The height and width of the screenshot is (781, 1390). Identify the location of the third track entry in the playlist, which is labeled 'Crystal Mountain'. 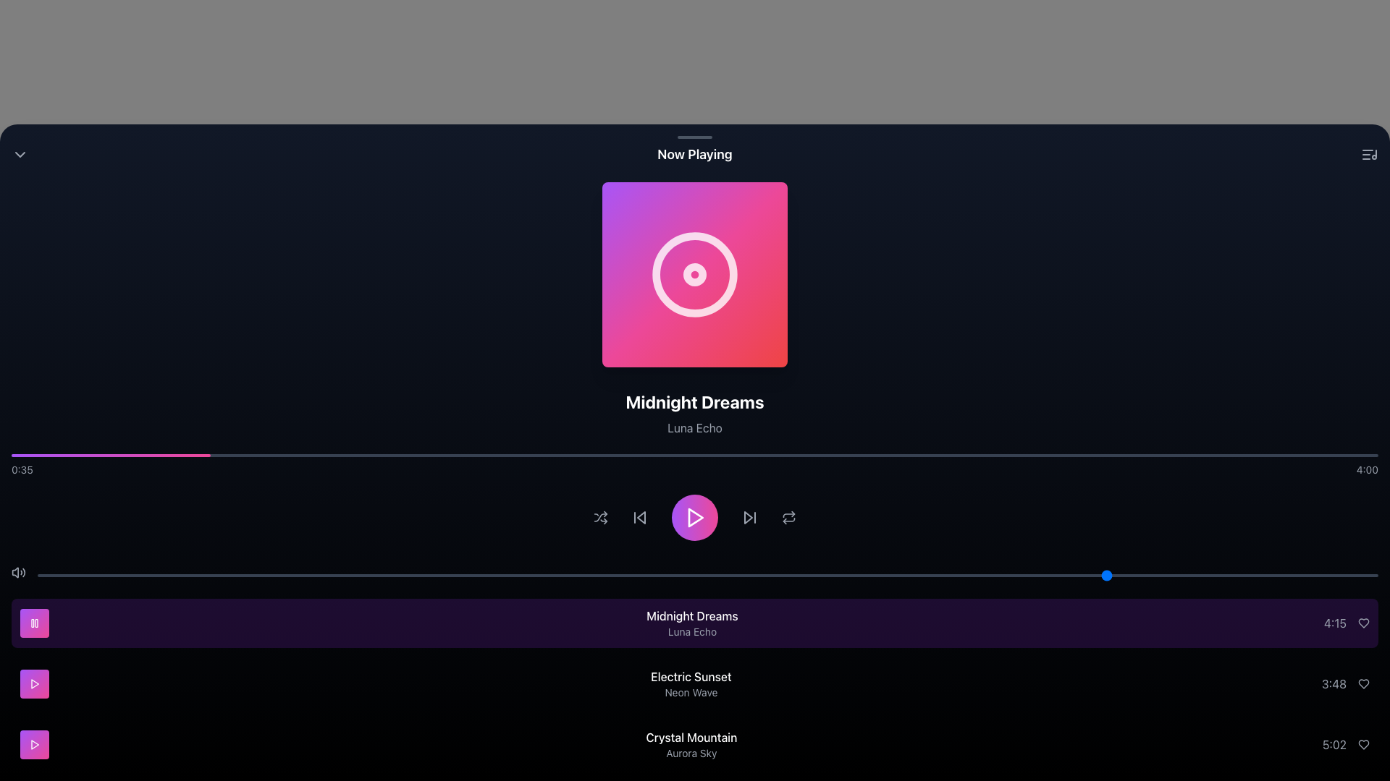
(695, 744).